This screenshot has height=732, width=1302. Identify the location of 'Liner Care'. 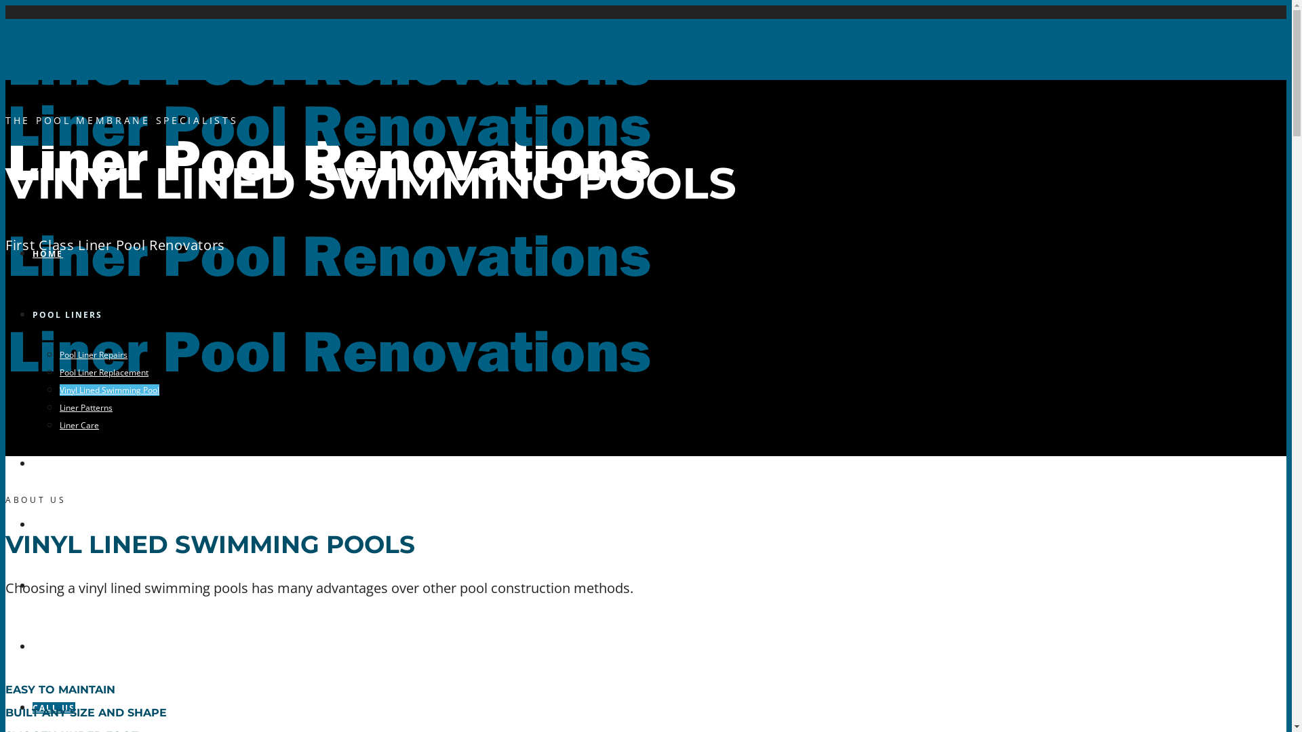
(78, 424).